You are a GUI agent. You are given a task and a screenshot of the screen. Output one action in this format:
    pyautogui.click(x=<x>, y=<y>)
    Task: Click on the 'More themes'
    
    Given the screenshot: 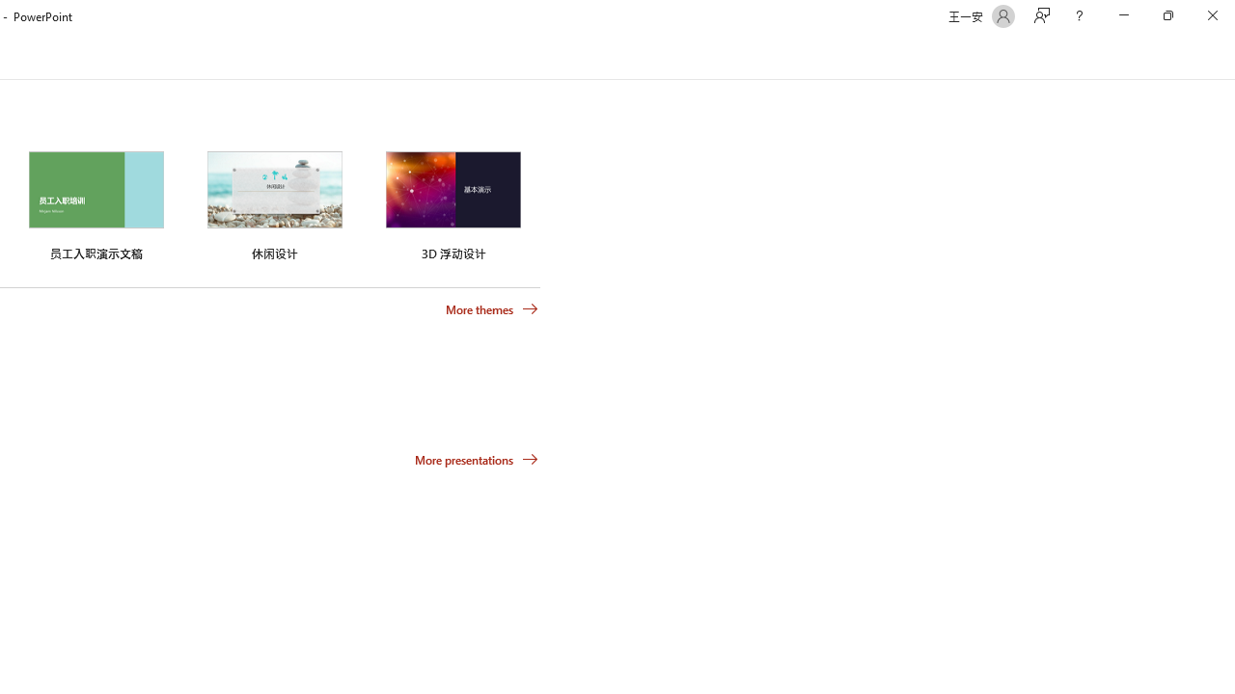 What is the action you would take?
    pyautogui.click(x=492, y=308)
    